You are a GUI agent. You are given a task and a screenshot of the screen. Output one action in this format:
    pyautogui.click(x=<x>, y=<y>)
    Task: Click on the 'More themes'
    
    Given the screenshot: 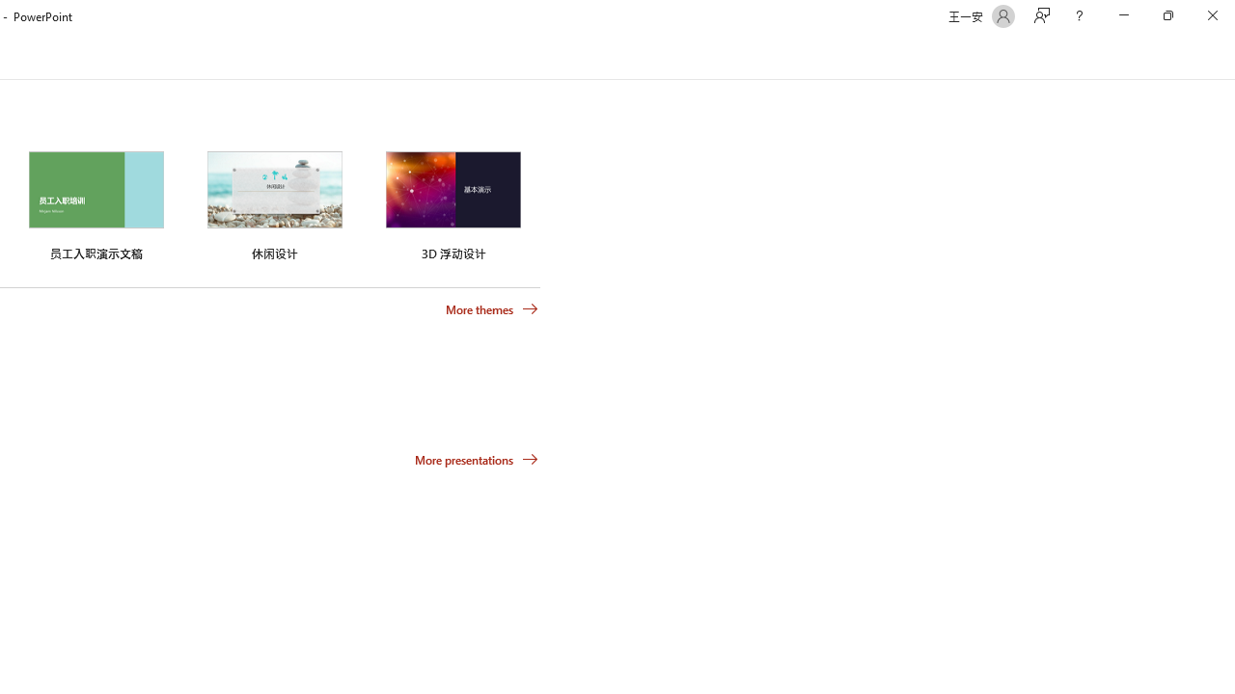 What is the action you would take?
    pyautogui.click(x=492, y=308)
    